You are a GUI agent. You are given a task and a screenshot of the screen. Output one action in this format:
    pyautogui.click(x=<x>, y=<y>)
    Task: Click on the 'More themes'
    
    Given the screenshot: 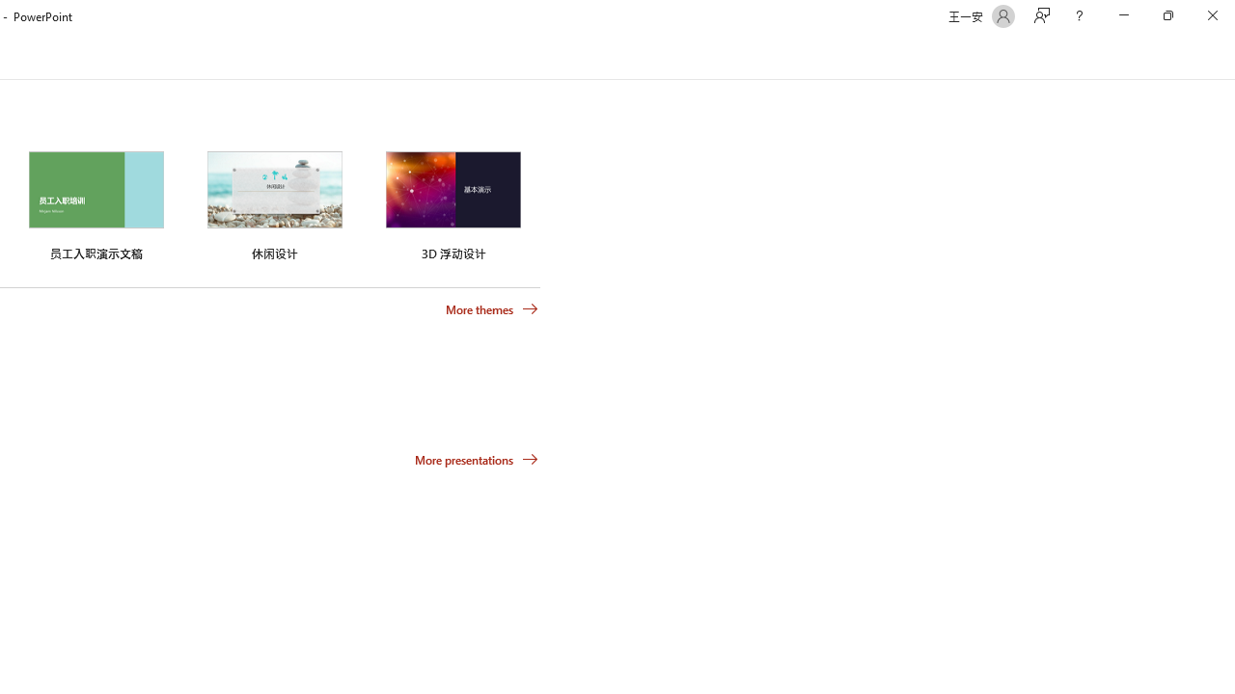 What is the action you would take?
    pyautogui.click(x=492, y=308)
    